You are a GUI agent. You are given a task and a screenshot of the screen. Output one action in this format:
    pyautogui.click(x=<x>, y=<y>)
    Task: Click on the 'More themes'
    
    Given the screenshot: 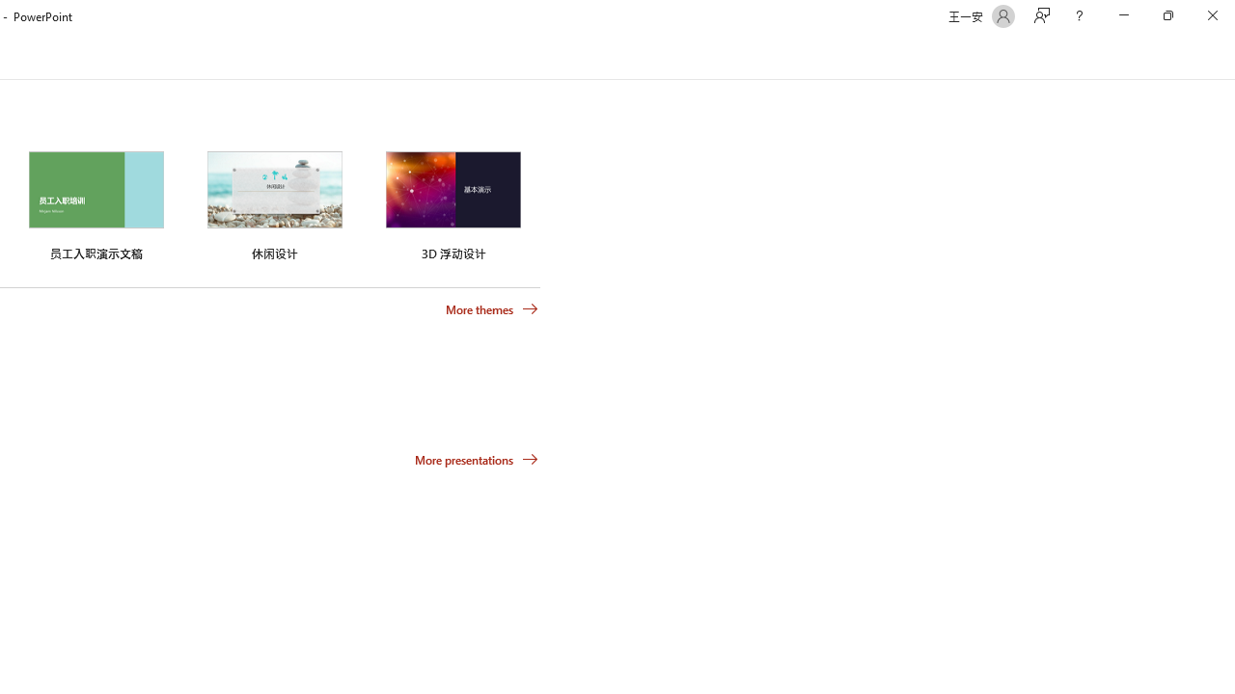 What is the action you would take?
    pyautogui.click(x=492, y=308)
    